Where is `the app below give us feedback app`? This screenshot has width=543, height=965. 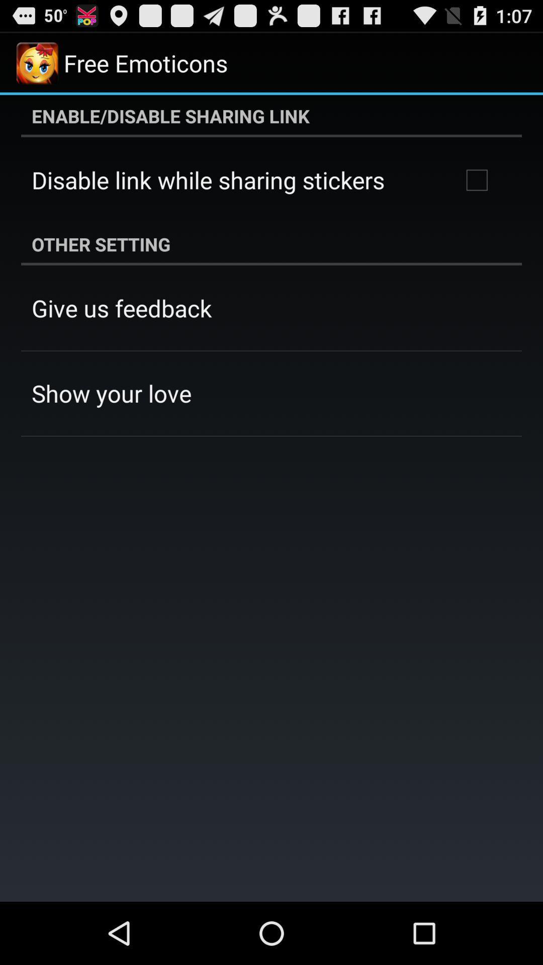 the app below give us feedback app is located at coordinates (112, 393).